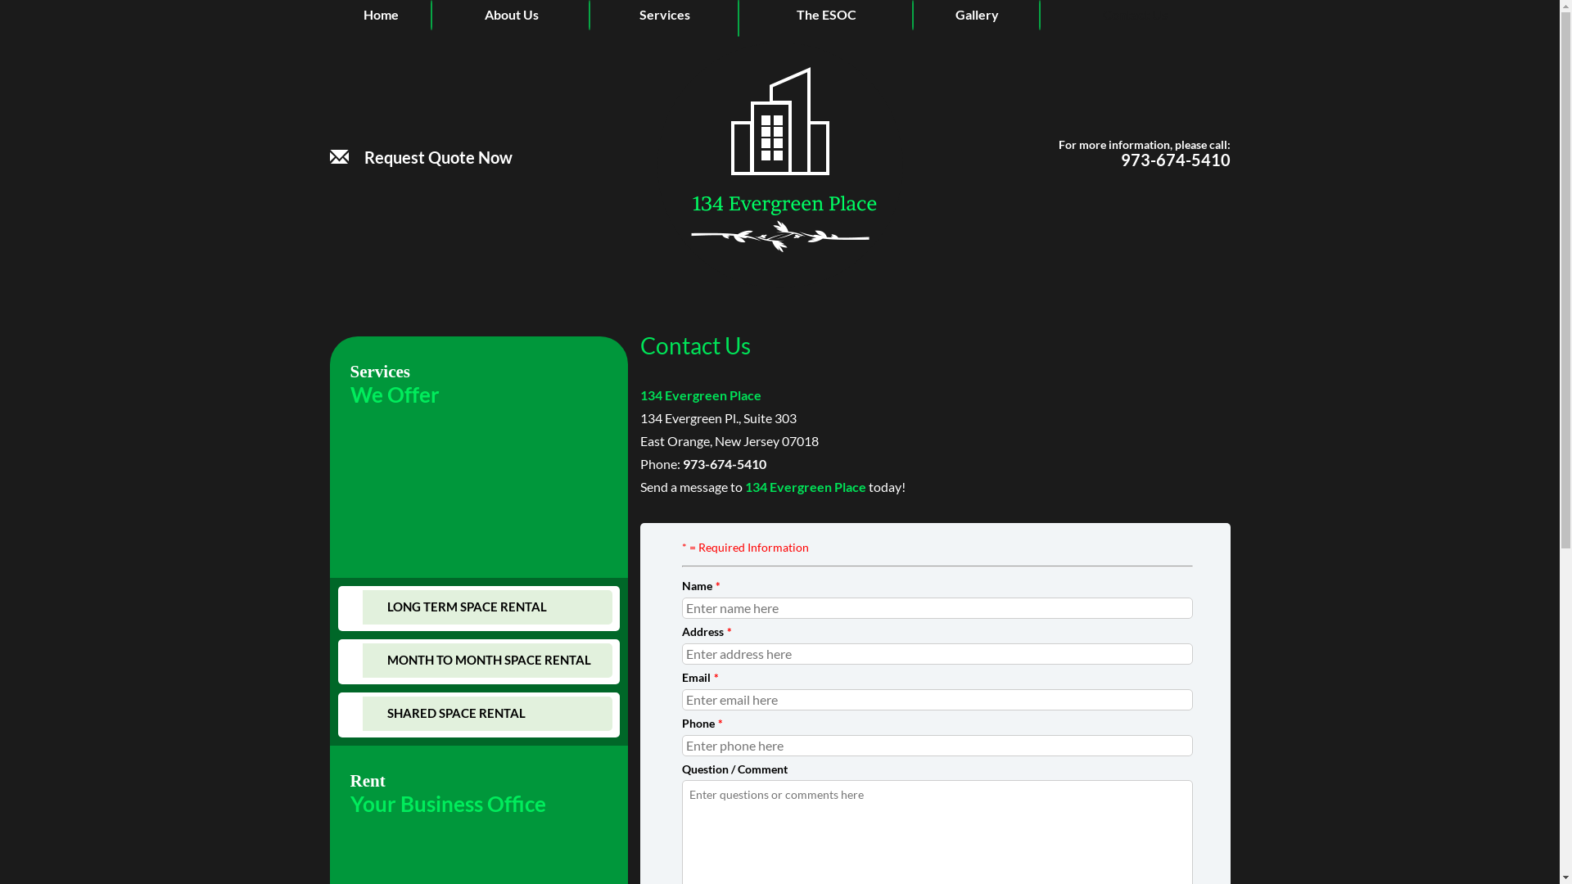  What do you see at coordinates (380, 14) in the screenshot?
I see `'Home'` at bounding box center [380, 14].